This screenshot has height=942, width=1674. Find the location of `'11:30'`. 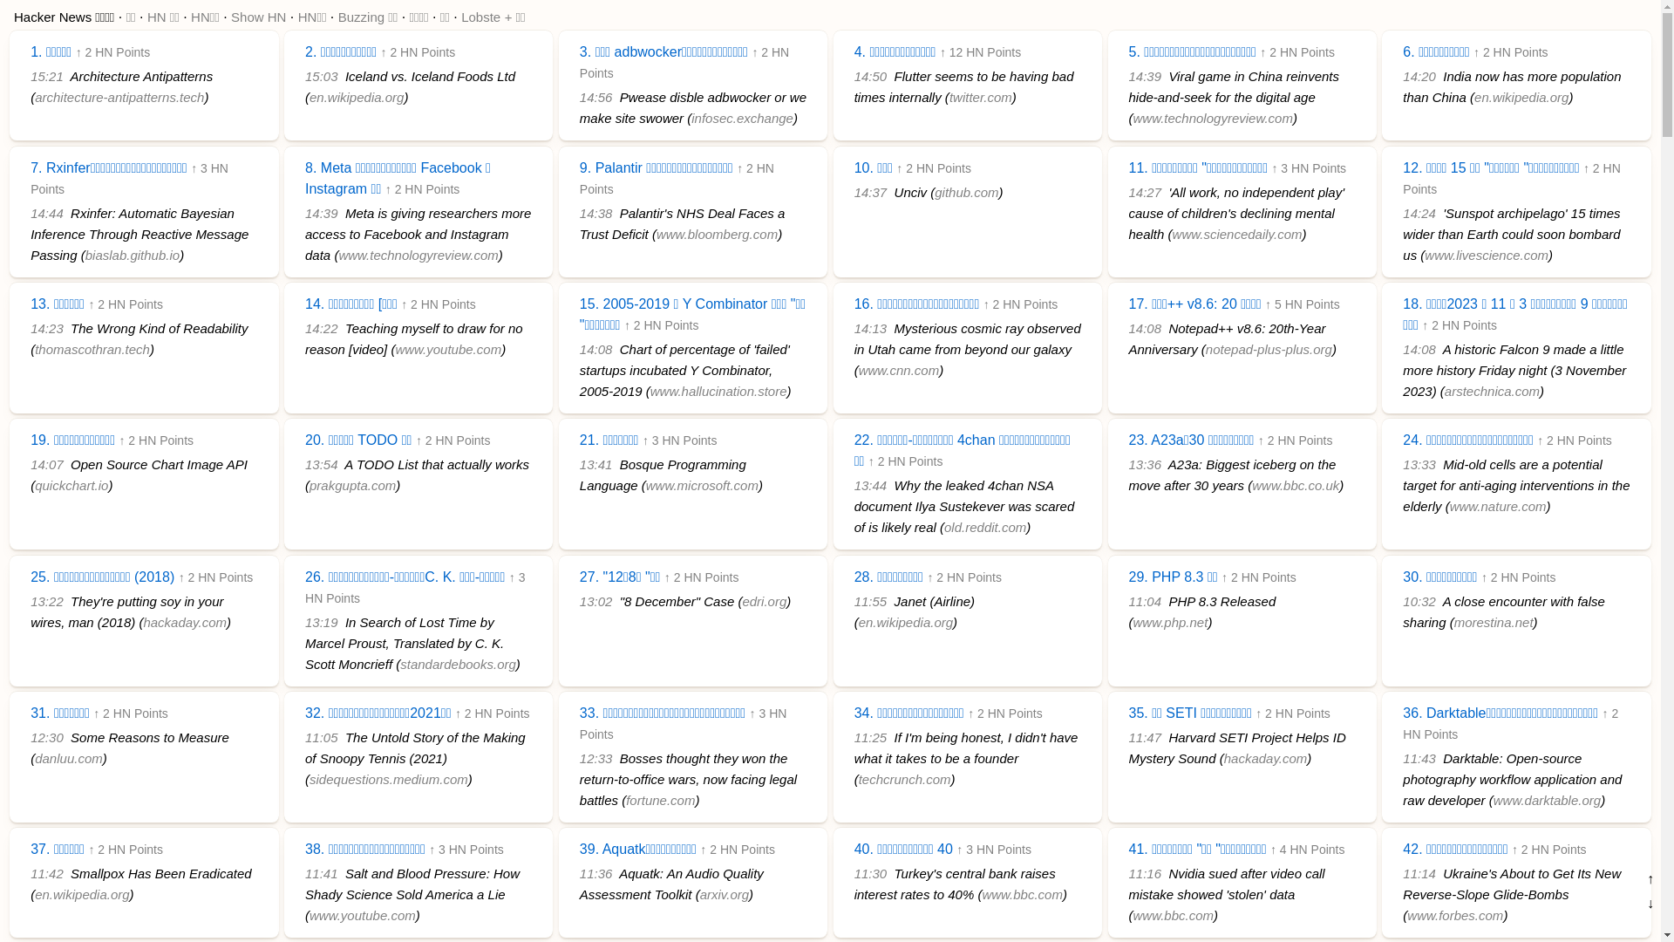

'11:30' is located at coordinates (870, 873).